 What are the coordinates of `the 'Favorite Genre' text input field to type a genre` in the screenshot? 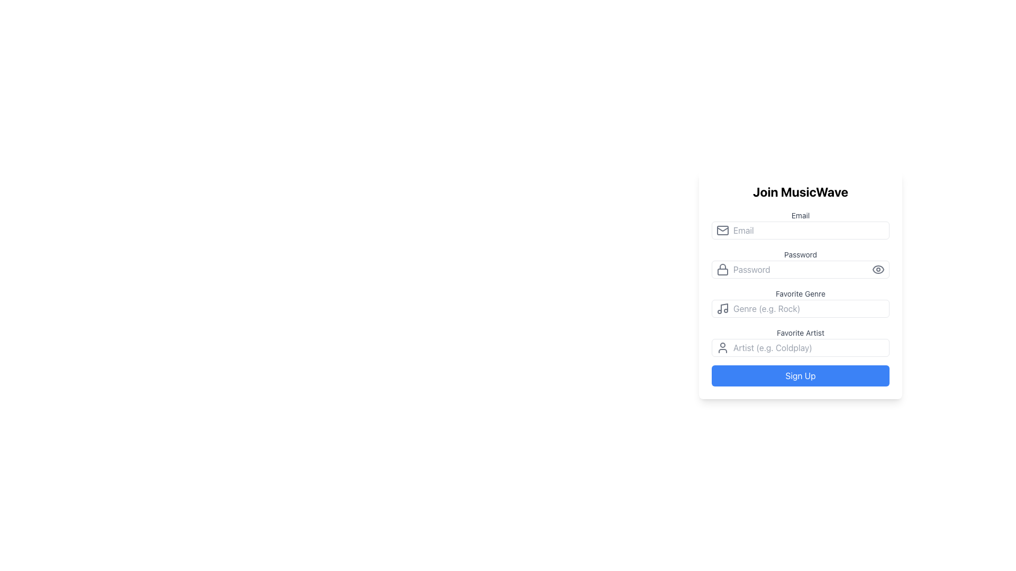 It's located at (800, 302).